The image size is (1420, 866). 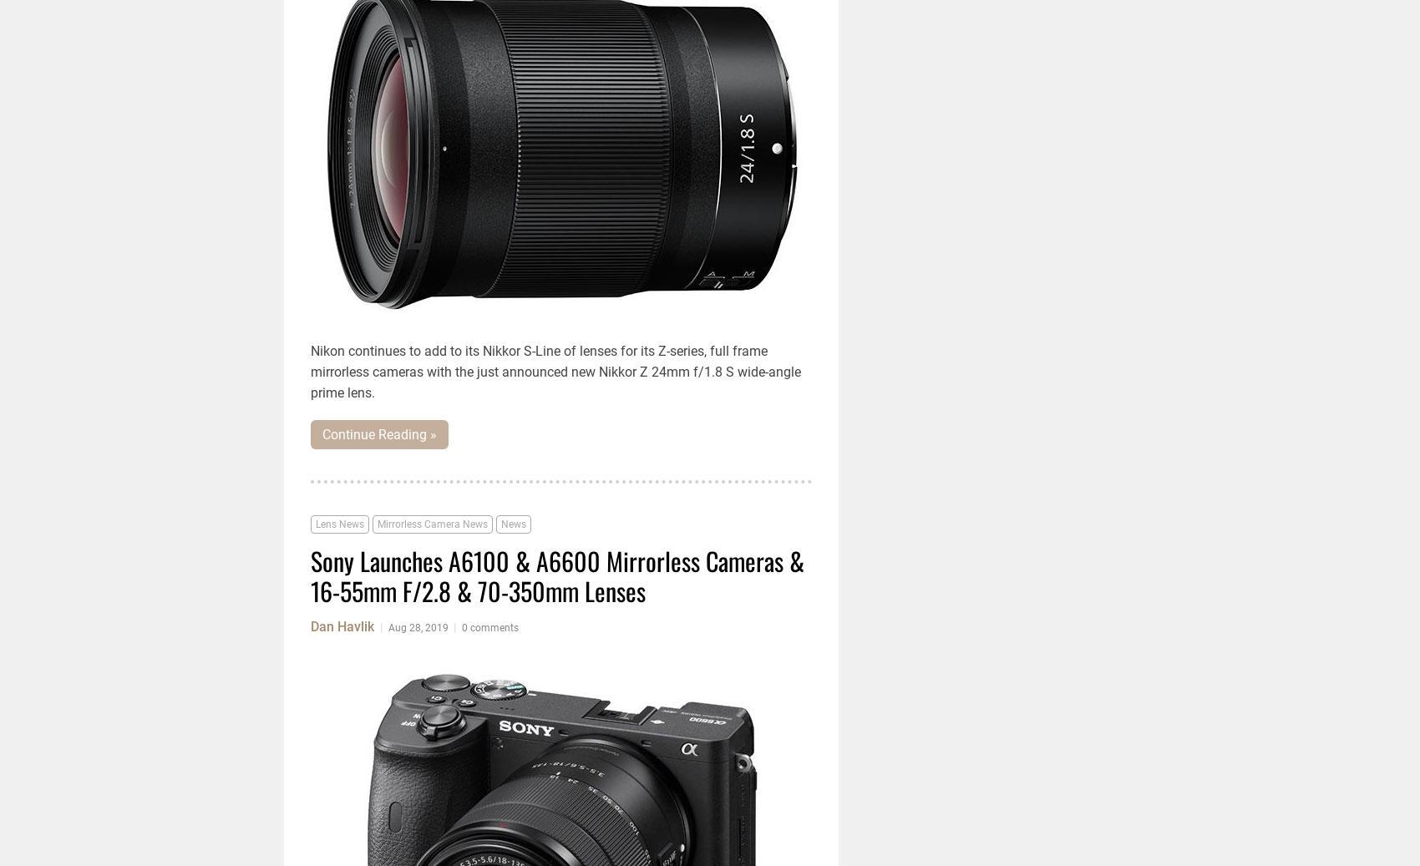 What do you see at coordinates (432, 524) in the screenshot?
I see `'Mirrorless Camera News'` at bounding box center [432, 524].